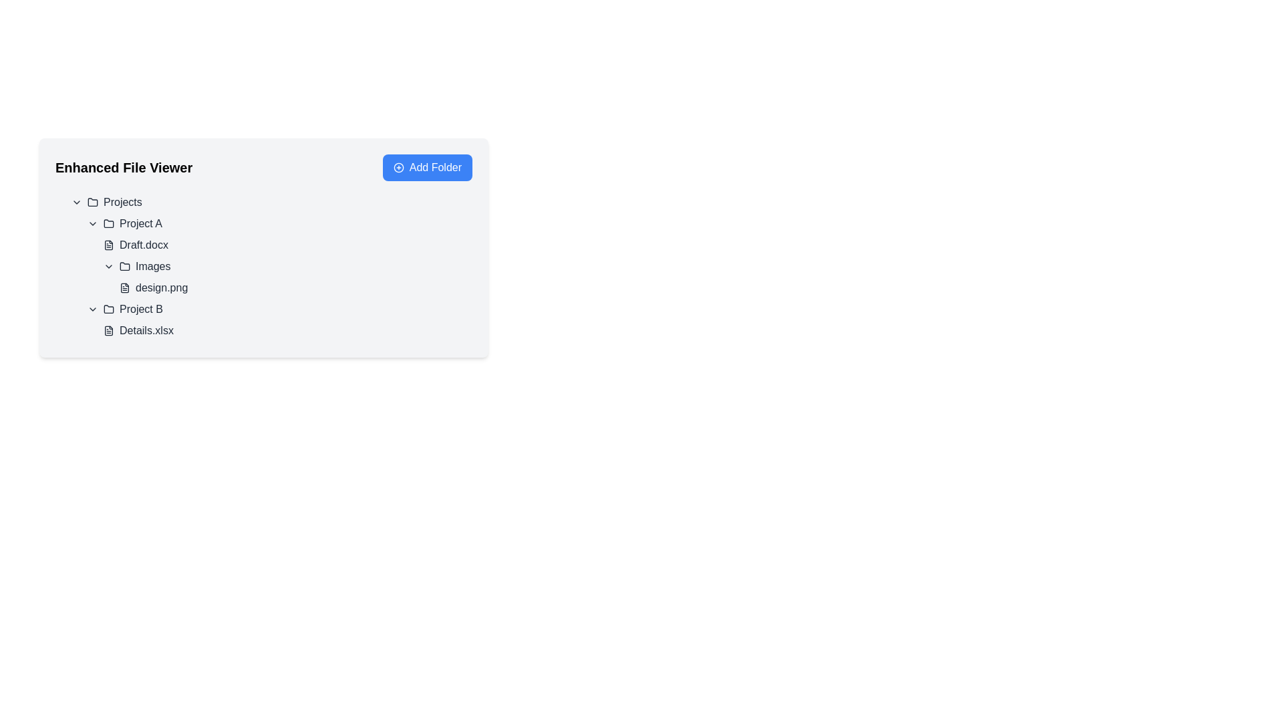 This screenshot has width=1283, height=722. Describe the element at coordinates (109, 223) in the screenshot. I see `the folder icon located next to the text 'Project A'` at that location.